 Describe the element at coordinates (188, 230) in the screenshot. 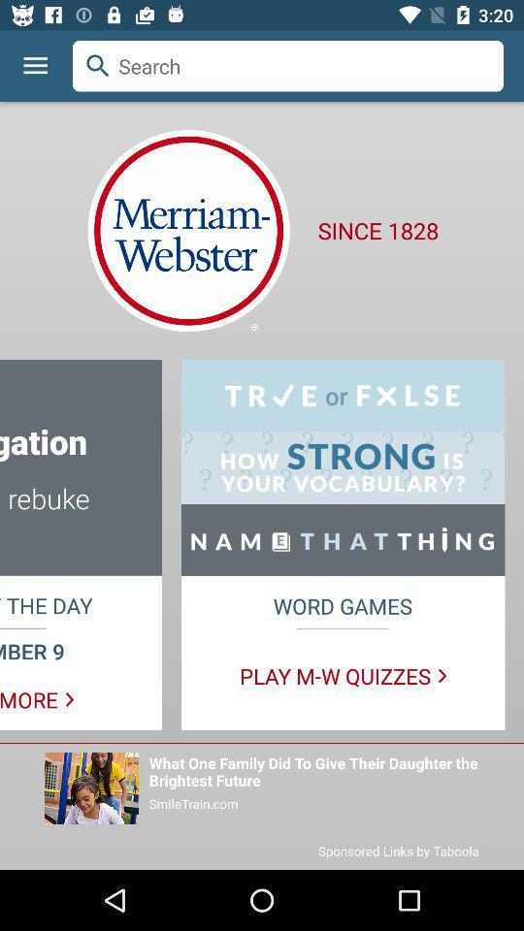

I see `the logo which is below the search bar` at that location.